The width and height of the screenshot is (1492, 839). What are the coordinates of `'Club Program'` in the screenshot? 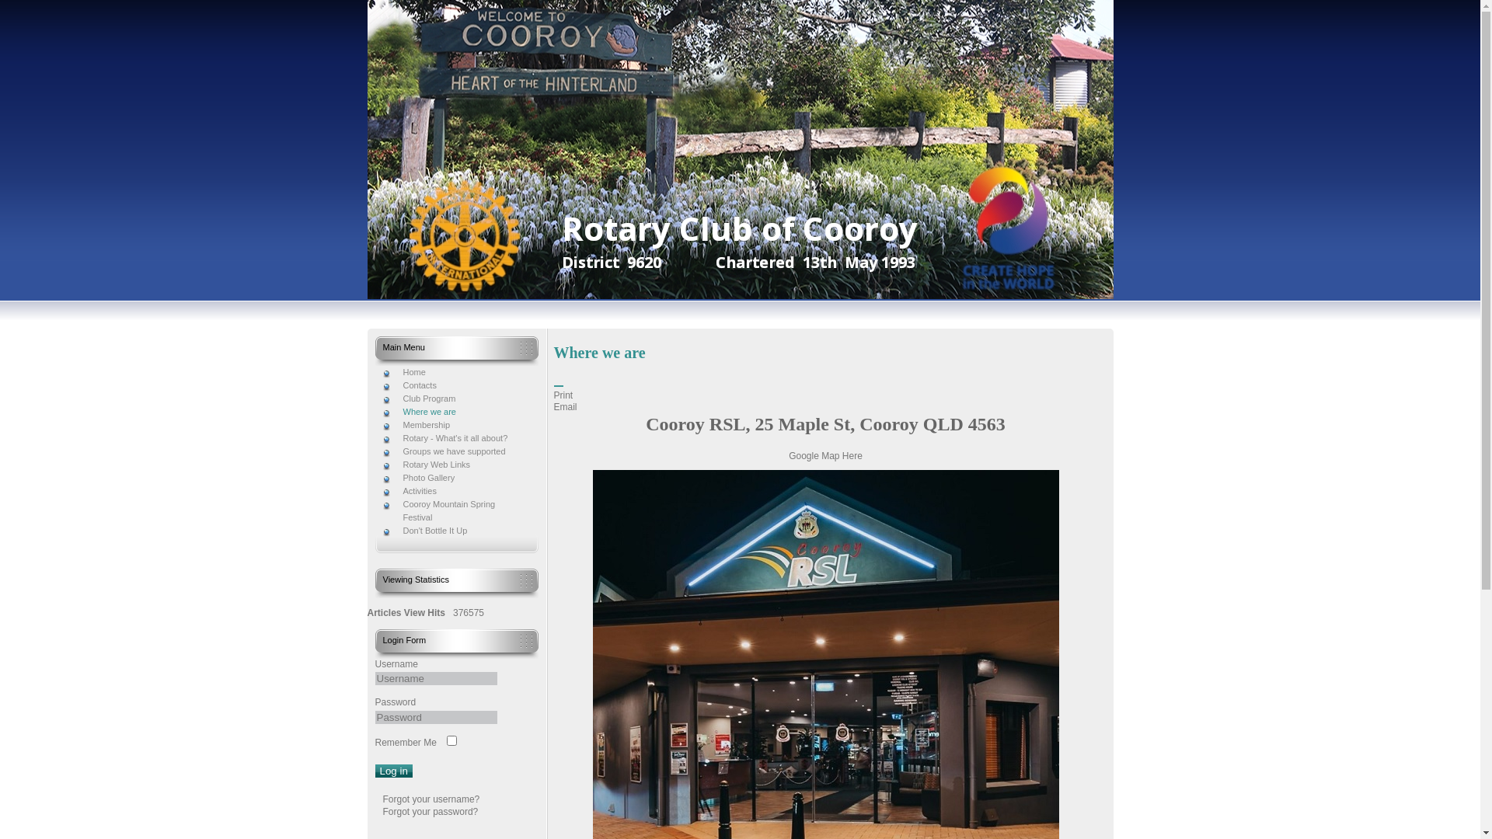 It's located at (455, 398).